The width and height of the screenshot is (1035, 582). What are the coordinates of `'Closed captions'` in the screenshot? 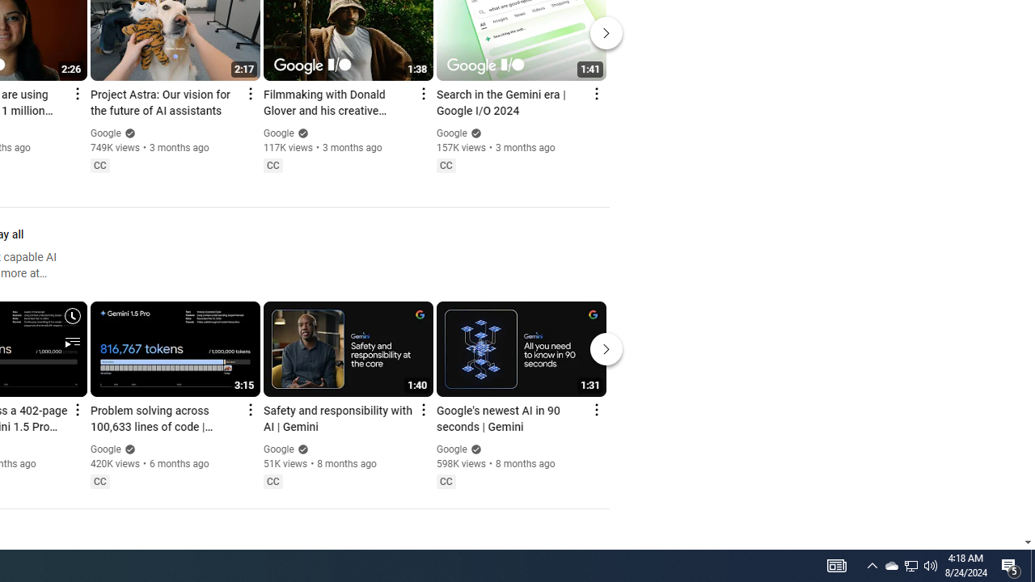 It's located at (446, 480).